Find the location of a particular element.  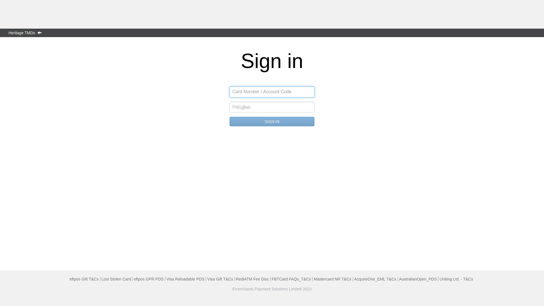

'Visa Gift T&Cs' is located at coordinates (207, 279).